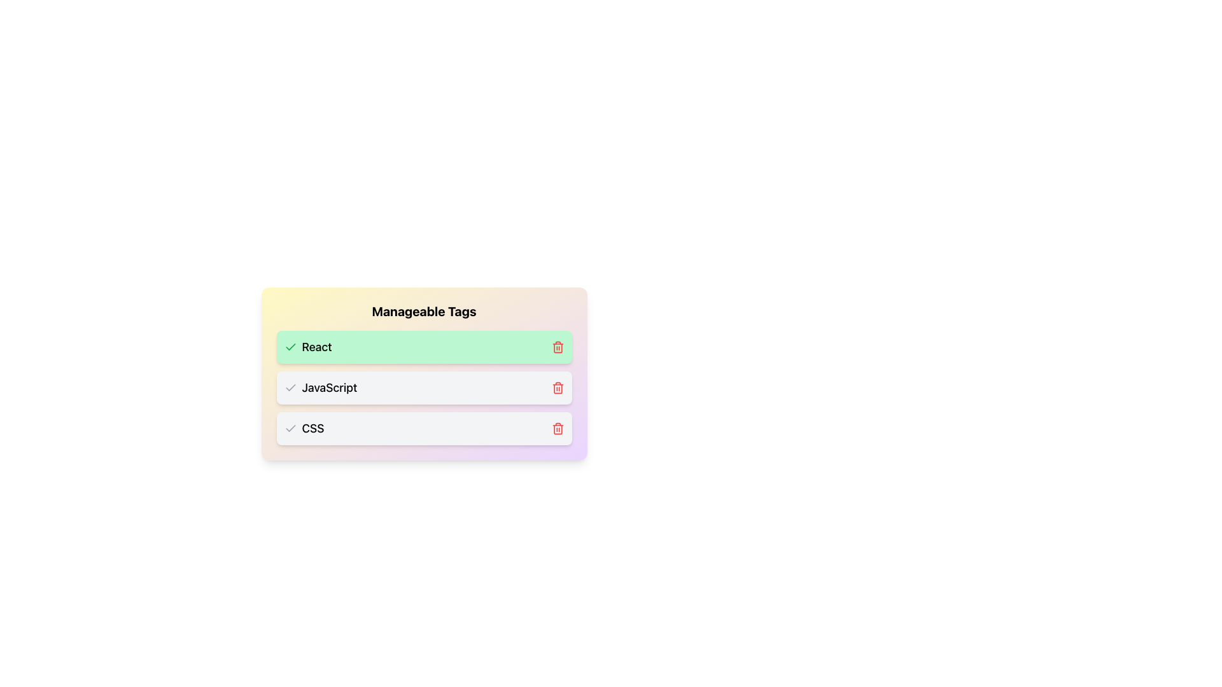 This screenshot has height=687, width=1222. I want to click on the 'JavaScript' selectable item, which is the second item in a vertically stacked list with a gray background and rounded edges, so click(424, 387).